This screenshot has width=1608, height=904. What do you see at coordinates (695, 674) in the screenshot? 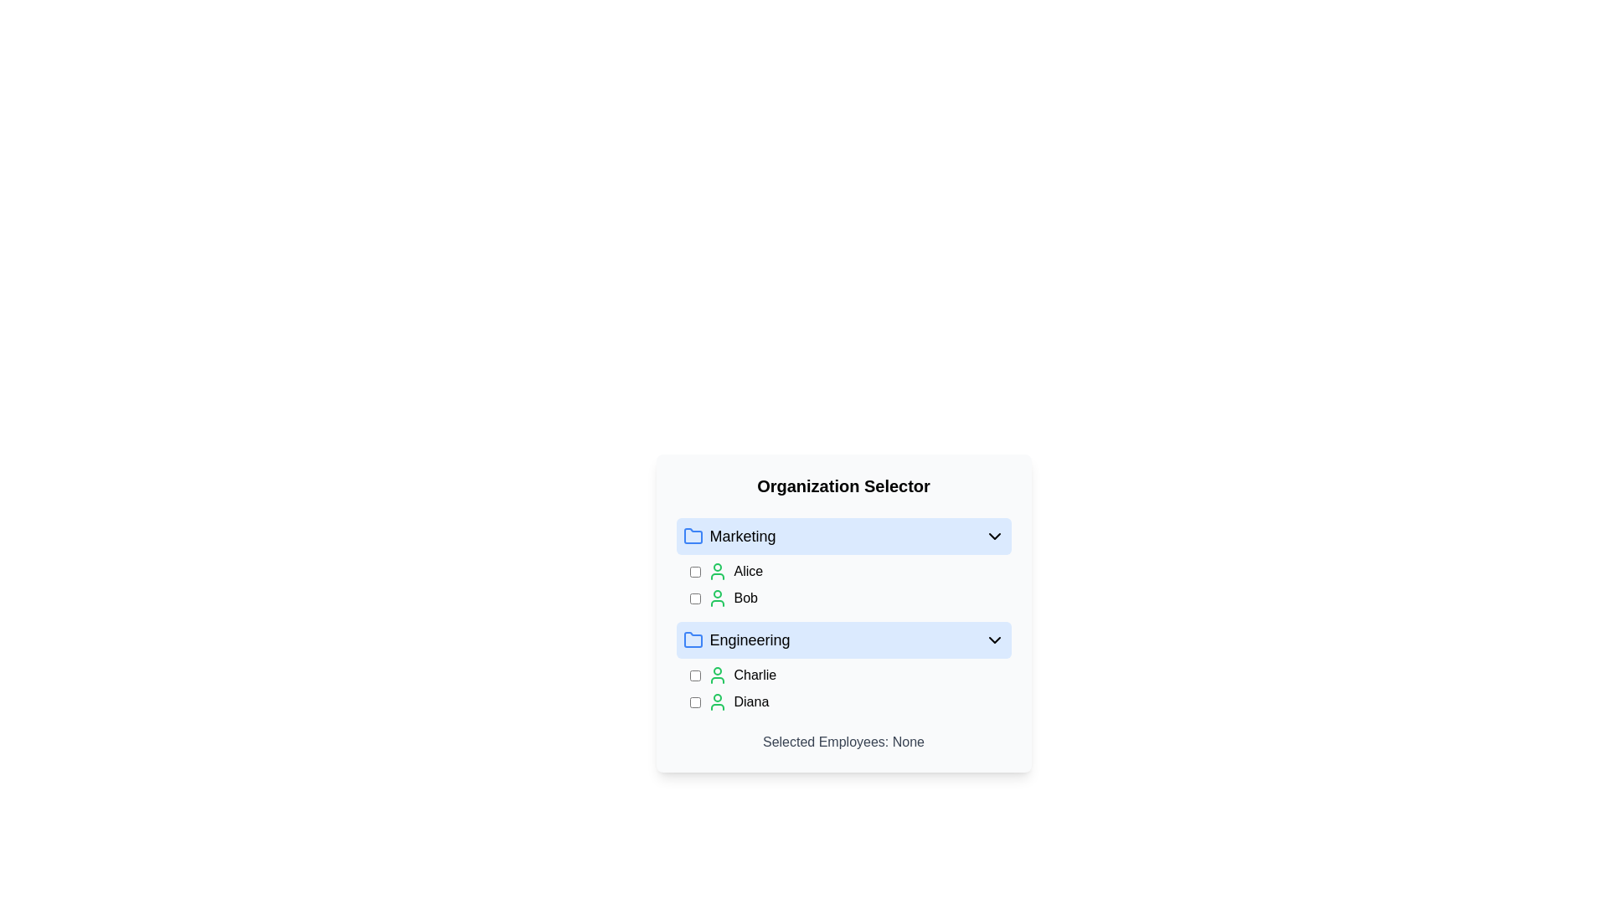
I see `the checkbox located to the left of the text 'Charlie'` at bounding box center [695, 674].